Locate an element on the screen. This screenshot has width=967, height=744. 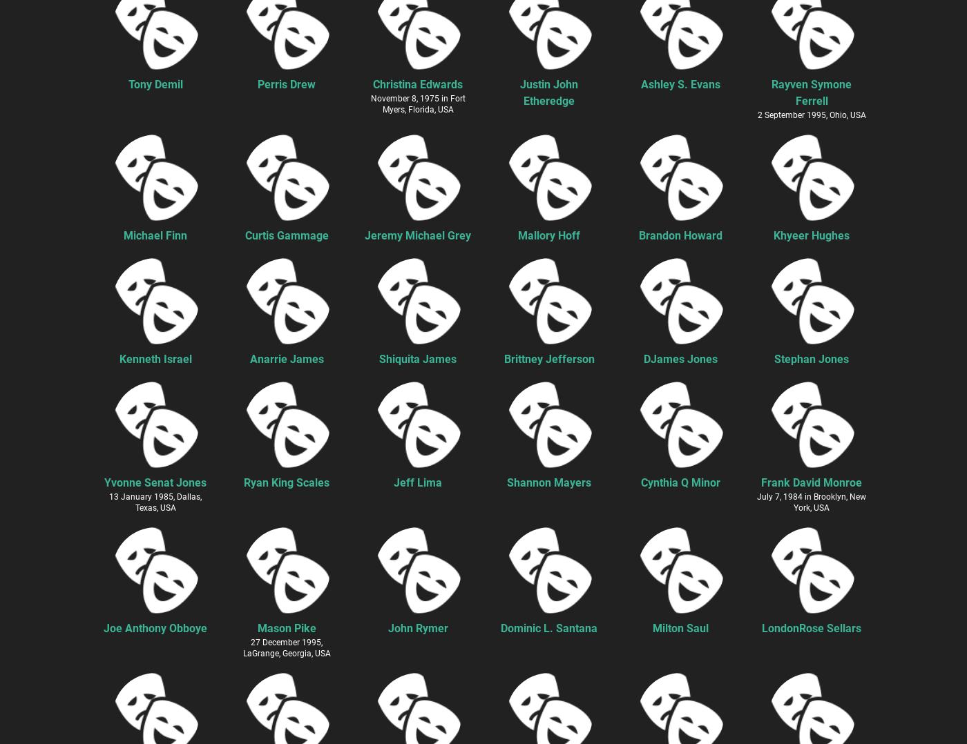
'Milton Saul' is located at coordinates (680, 627).